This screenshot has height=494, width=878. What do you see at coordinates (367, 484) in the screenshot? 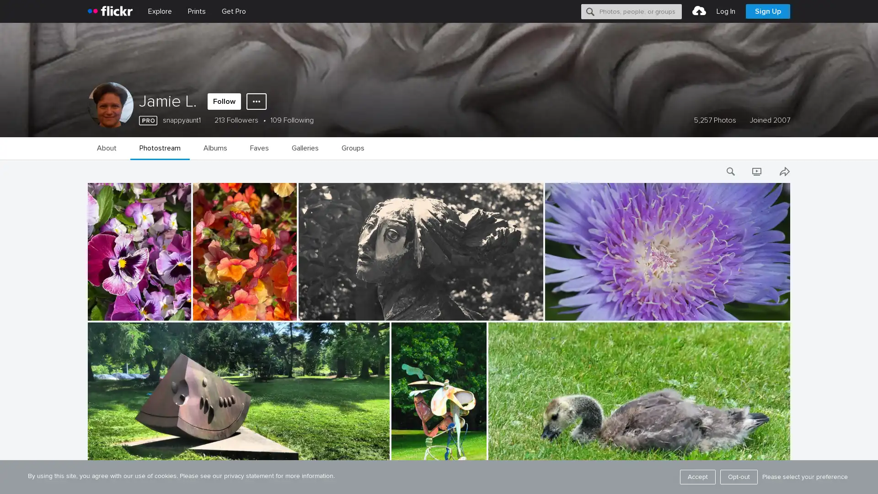
I see `Add to Favorites` at bounding box center [367, 484].